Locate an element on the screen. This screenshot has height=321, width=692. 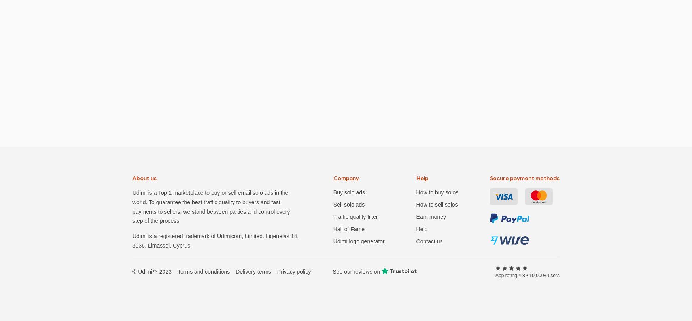
'Hall of Fame' is located at coordinates (348, 229).